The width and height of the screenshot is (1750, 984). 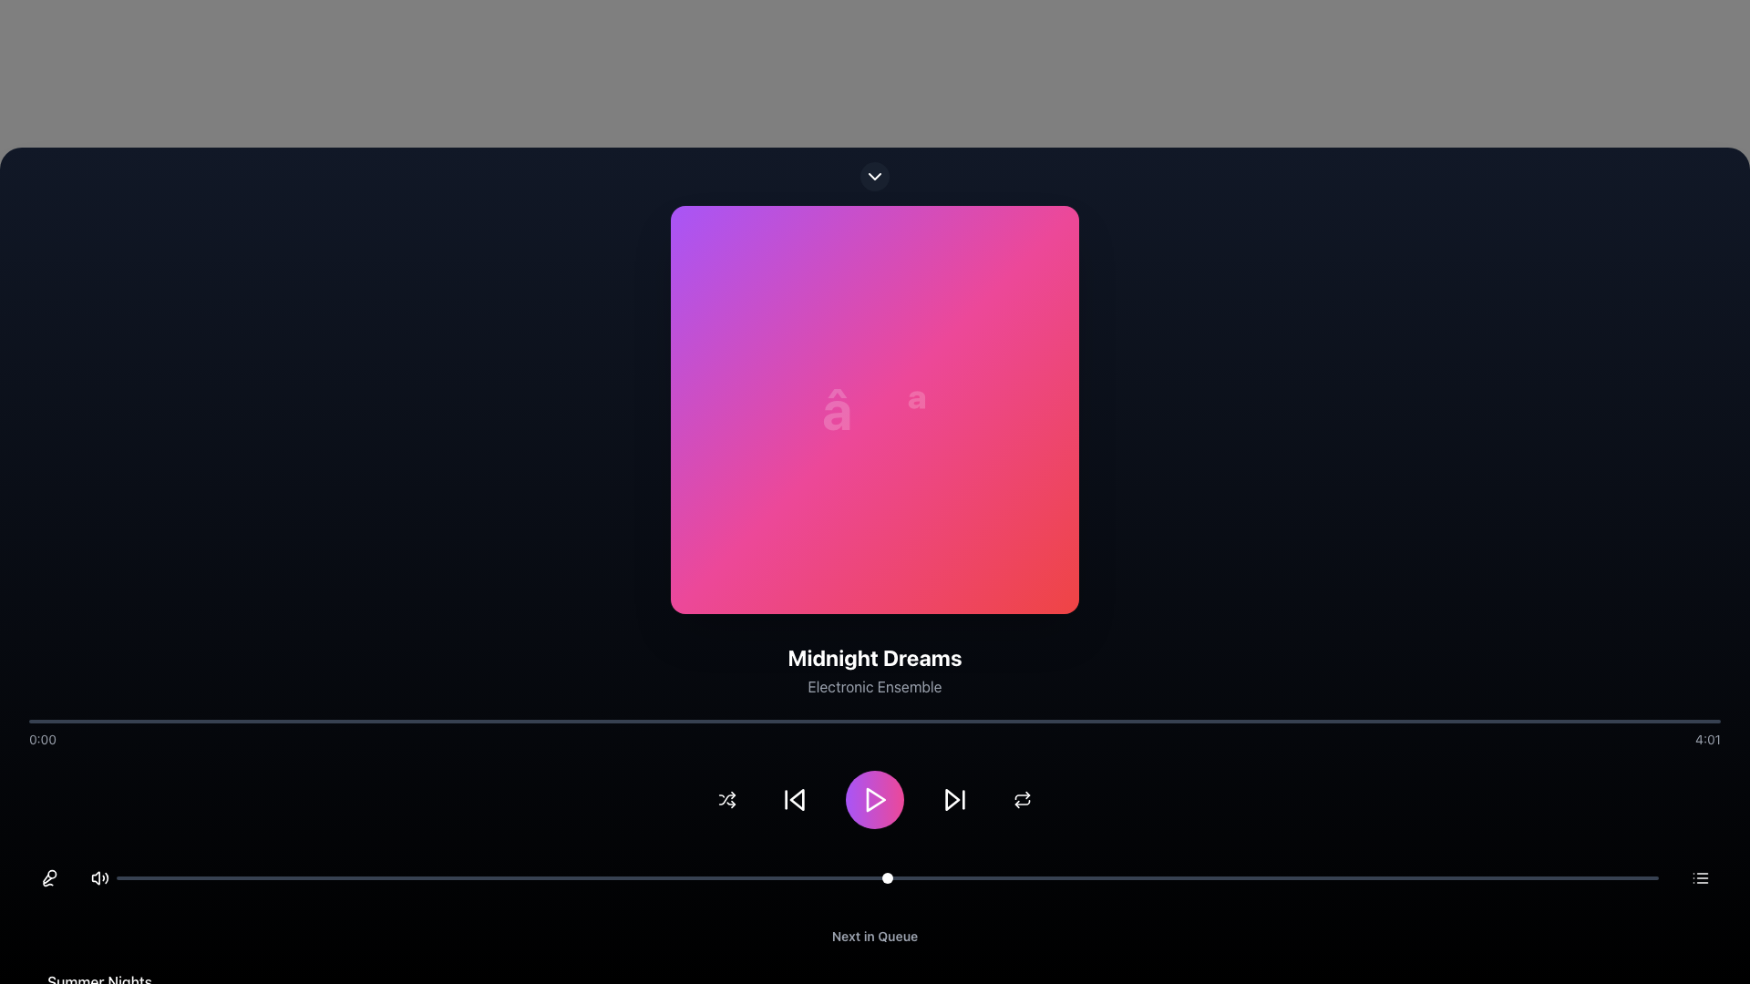 I want to click on the play button icon located at the center of the bottom player section, so click(x=875, y=799).